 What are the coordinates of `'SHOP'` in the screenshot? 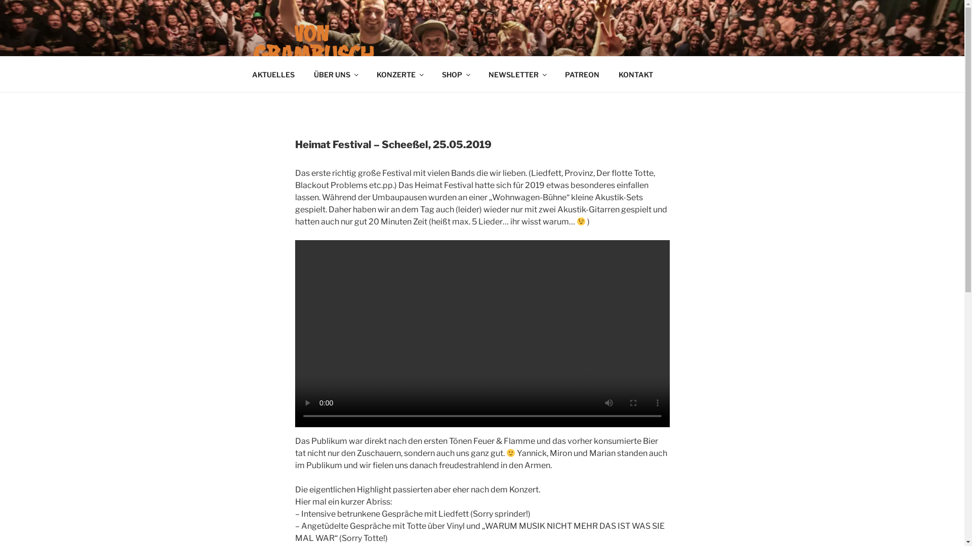 It's located at (433, 73).